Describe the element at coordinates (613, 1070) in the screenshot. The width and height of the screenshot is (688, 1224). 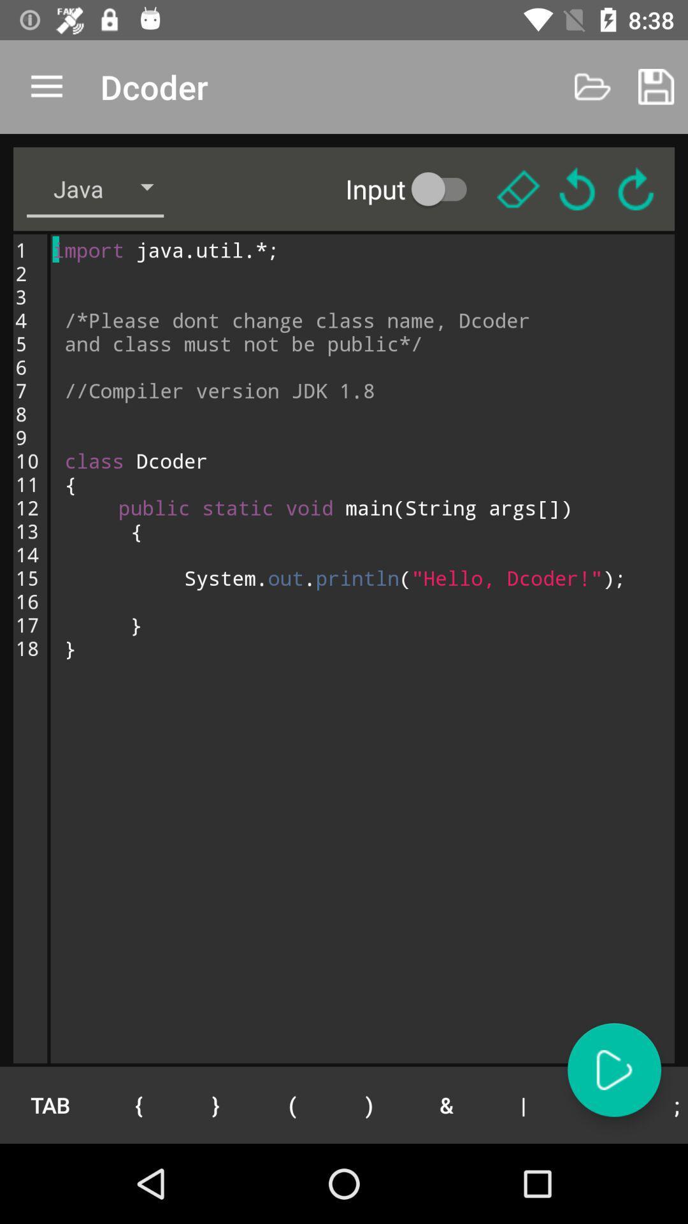
I see `the play icon` at that location.